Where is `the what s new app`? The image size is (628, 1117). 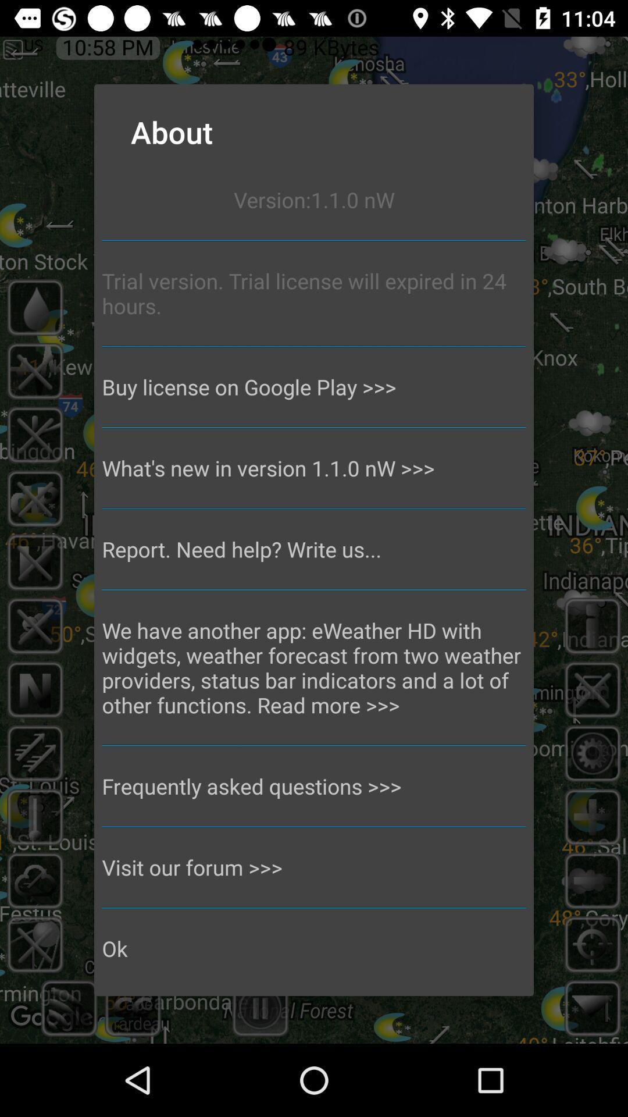
the what s new app is located at coordinates (314, 468).